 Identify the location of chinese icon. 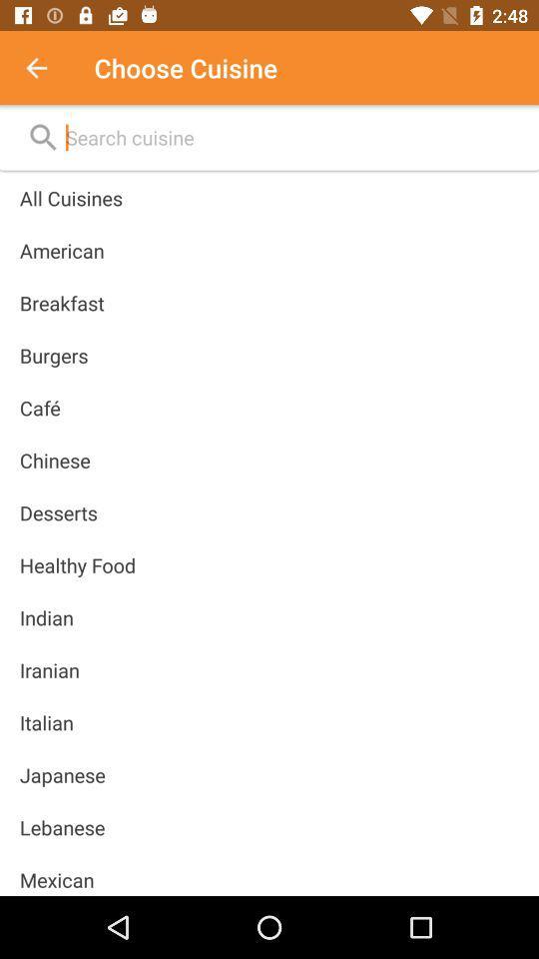
(55, 461).